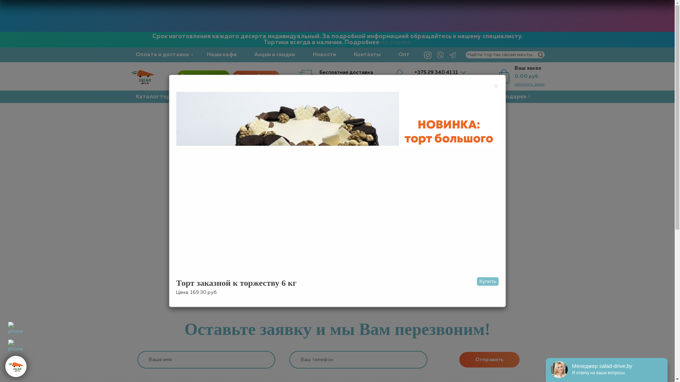 This screenshot has height=382, width=680. I want to click on 'Telegram', so click(447, 54).